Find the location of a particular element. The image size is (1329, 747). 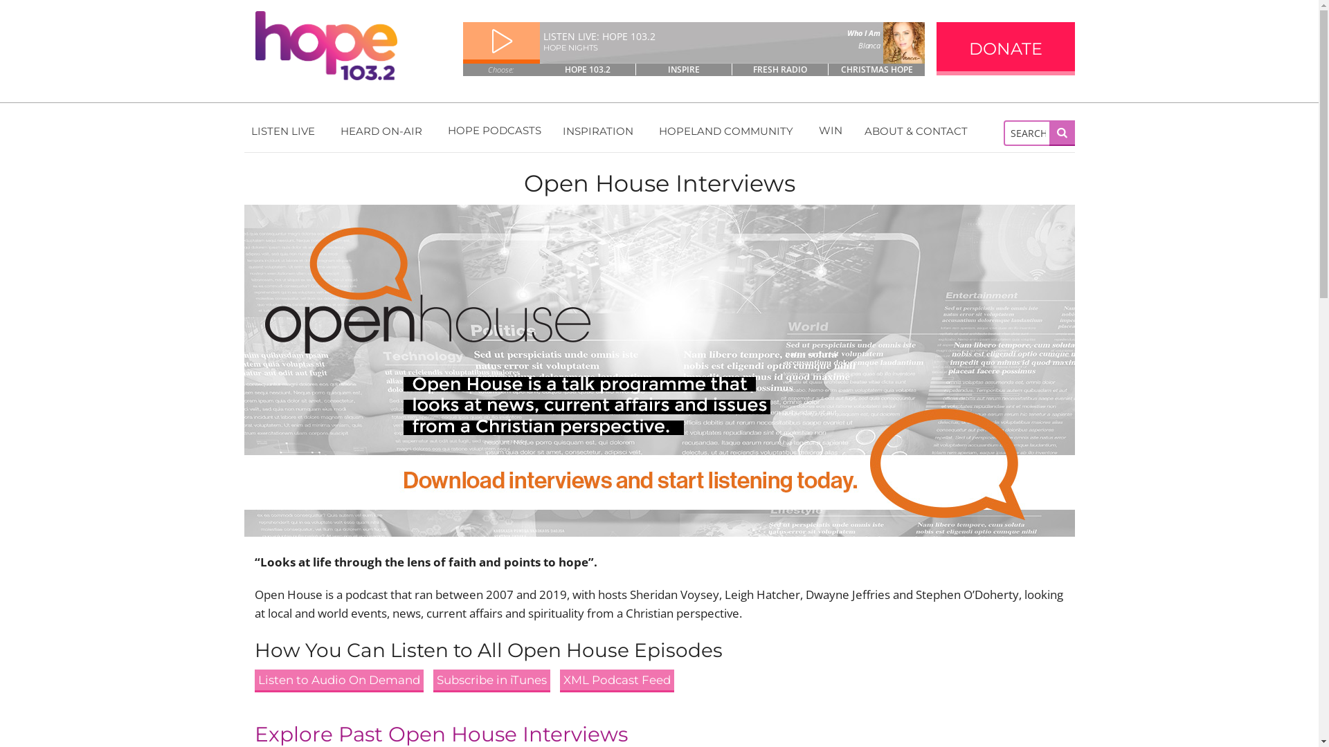

'INSPIRE' is located at coordinates (684, 69).